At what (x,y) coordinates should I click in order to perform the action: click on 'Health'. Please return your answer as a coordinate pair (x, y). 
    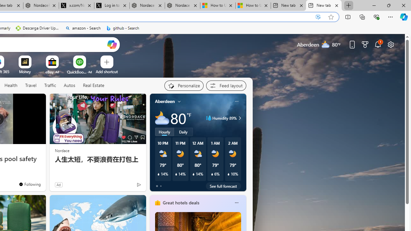
    Looking at the image, I should click on (11, 85).